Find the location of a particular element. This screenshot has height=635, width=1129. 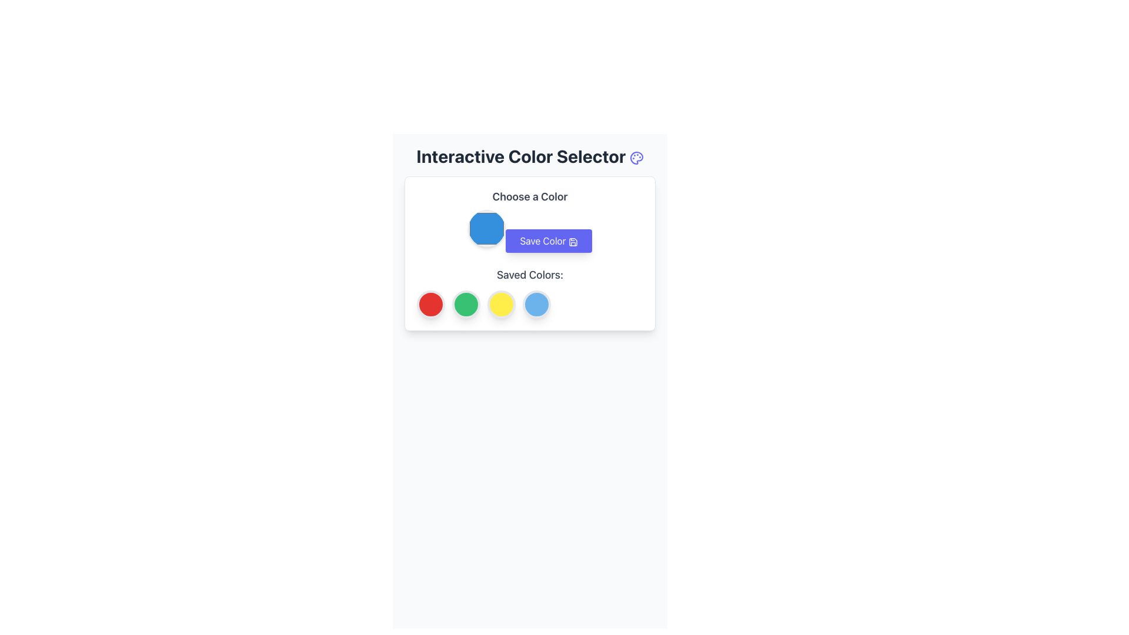

the 'Save Color' button, which is a rectangular button with a purple background and white text, located below the color input element is located at coordinates (548, 240).